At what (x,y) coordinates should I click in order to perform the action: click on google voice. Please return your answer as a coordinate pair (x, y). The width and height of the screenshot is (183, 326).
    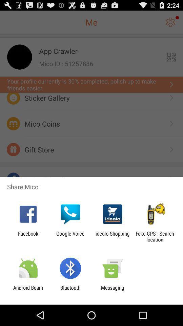
    Looking at the image, I should click on (70, 236).